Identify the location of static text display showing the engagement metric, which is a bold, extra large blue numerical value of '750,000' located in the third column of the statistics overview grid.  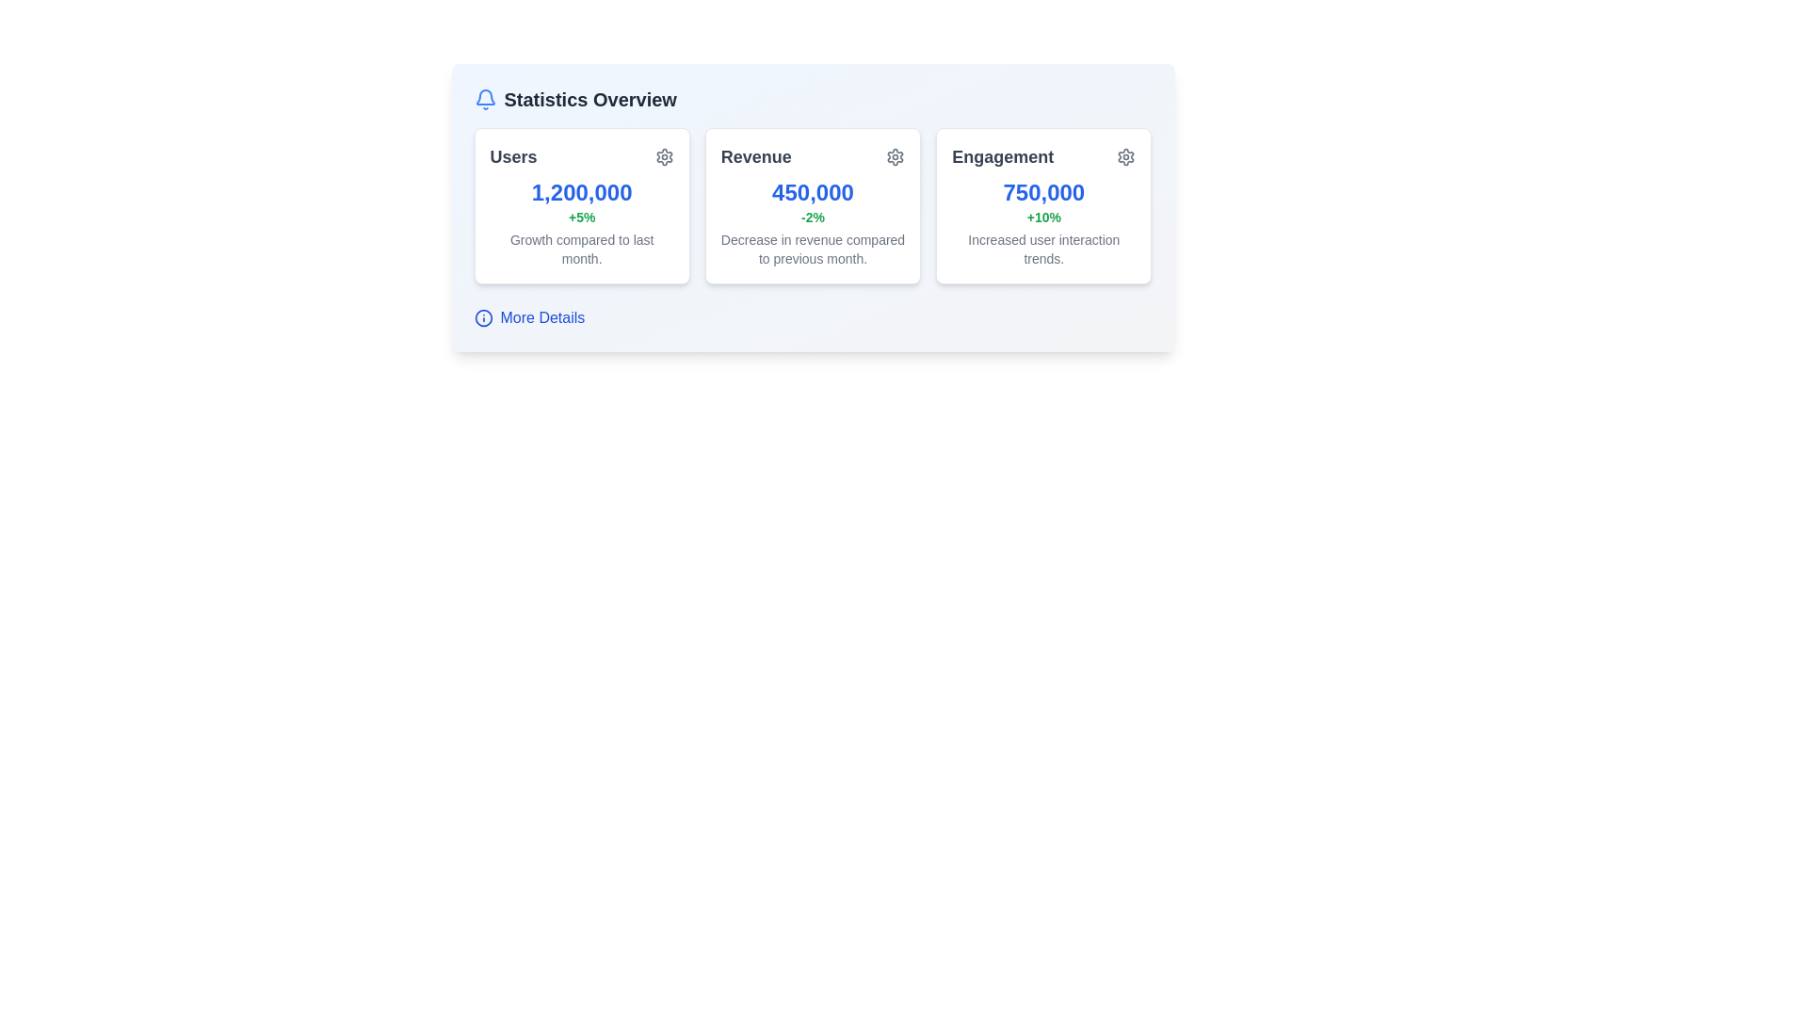
(1042, 192).